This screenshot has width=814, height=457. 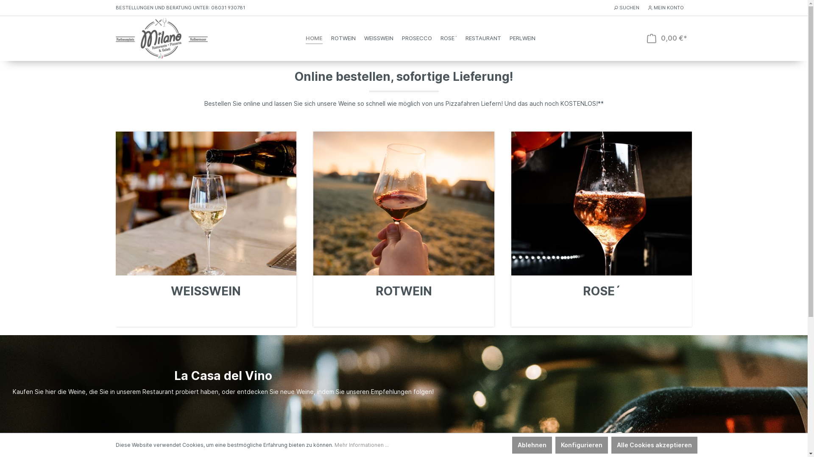 I want to click on 'HOME', so click(x=313, y=39).